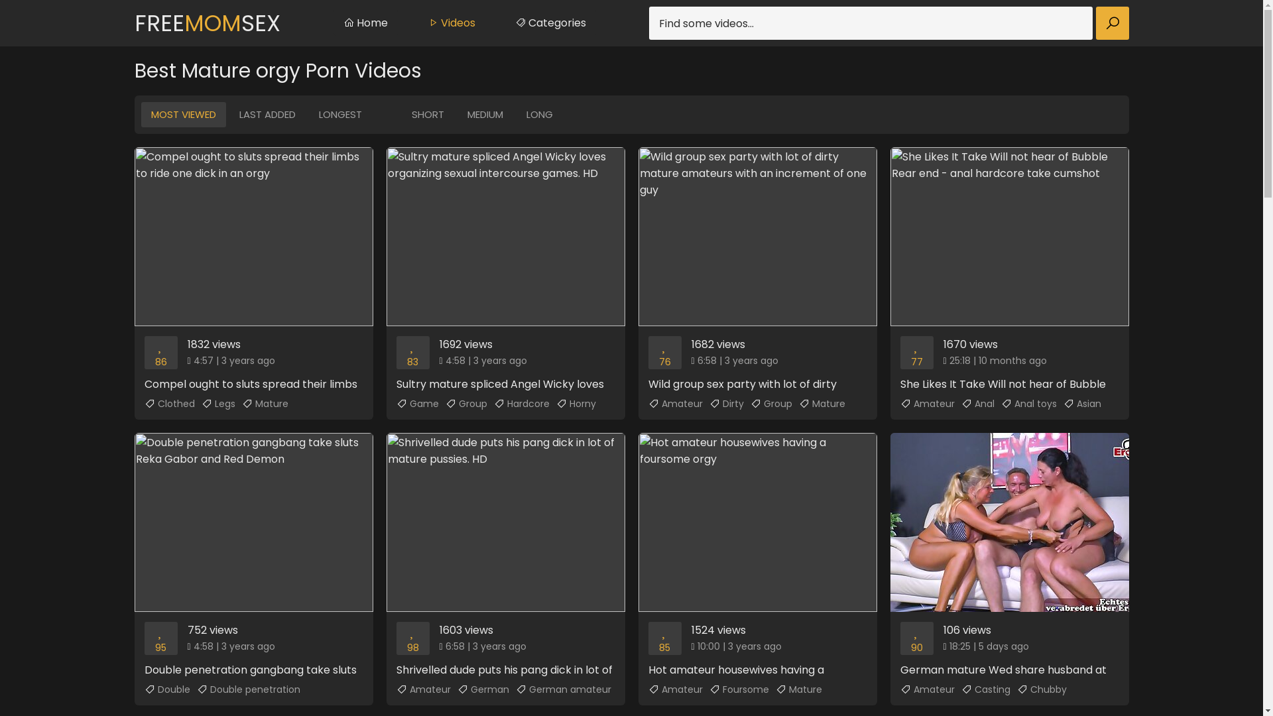 Image resolution: width=1273 pixels, height=716 pixels. I want to click on 'Double', so click(144, 689).